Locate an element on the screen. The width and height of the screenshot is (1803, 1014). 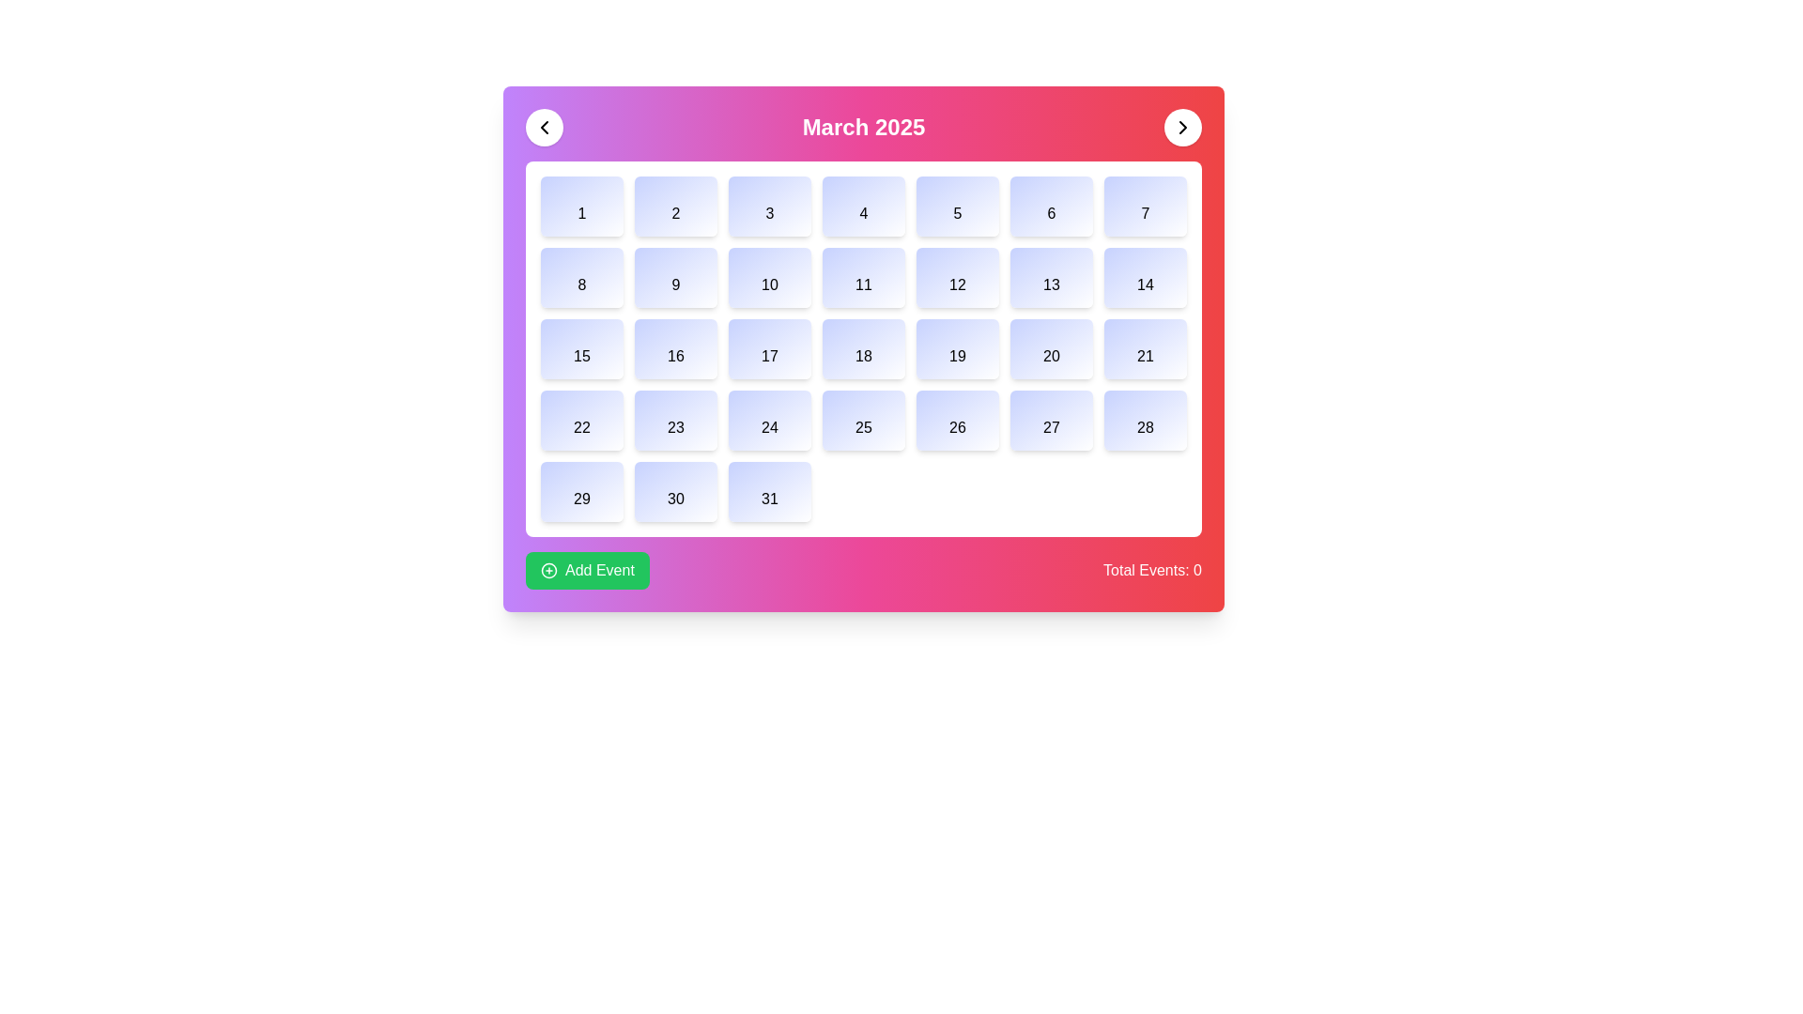
the calendar day tile displaying the number '15' is located at coordinates (580, 348).